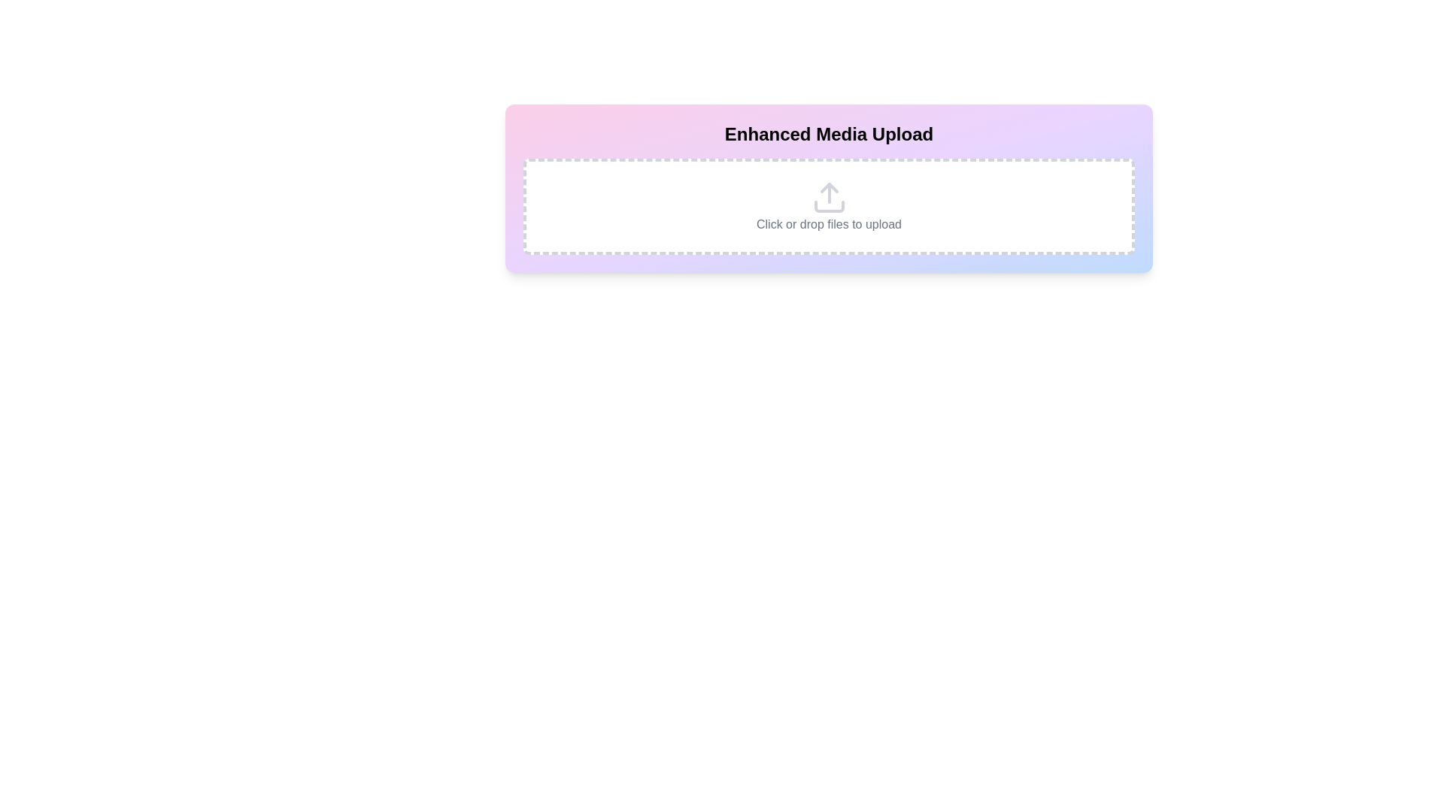 Image resolution: width=1444 pixels, height=812 pixels. I want to click on the upload icon element, which features an upward arrow directed to an open square, located centrally within a dashed-bordered rectangular area labeled 'Click or drop files to upload.', so click(828, 196).